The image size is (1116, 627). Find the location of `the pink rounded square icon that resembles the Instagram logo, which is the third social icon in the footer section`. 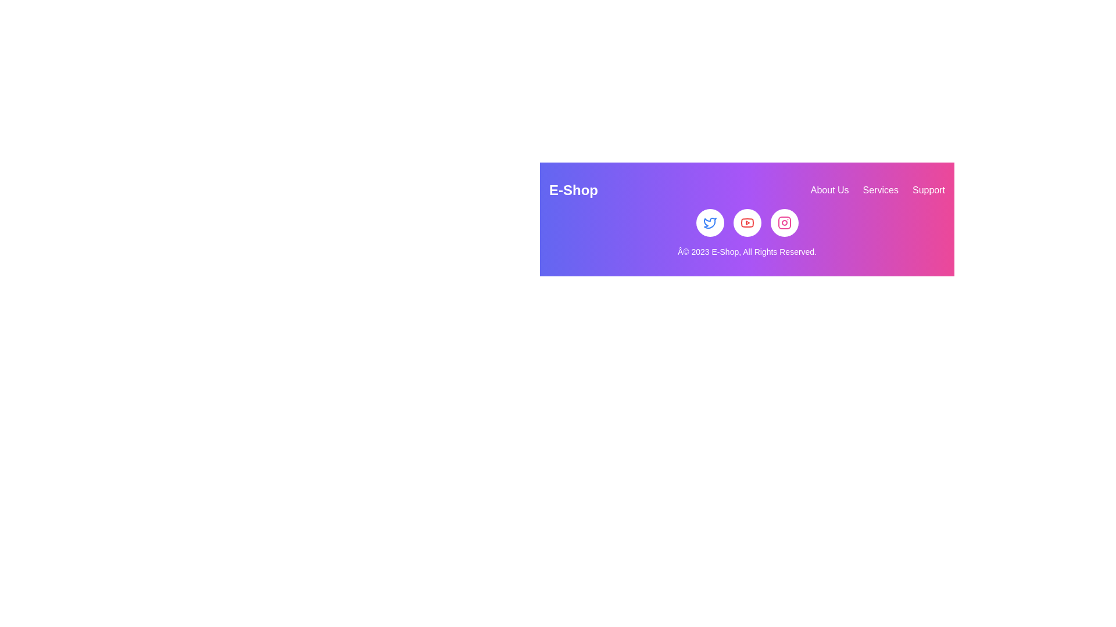

the pink rounded square icon that resembles the Instagram logo, which is the third social icon in the footer section is located at coordinates (784, 223).